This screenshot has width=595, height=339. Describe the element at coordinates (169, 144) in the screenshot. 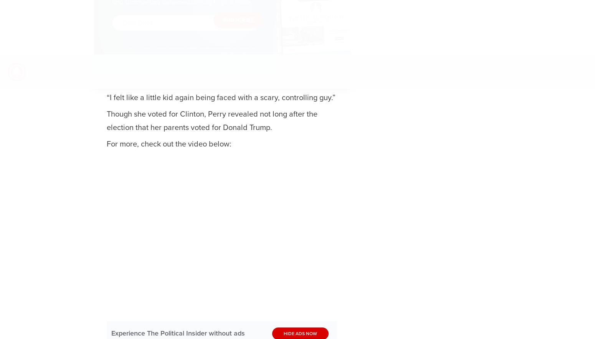

I see `'For more, check out the video below:'` at that location.